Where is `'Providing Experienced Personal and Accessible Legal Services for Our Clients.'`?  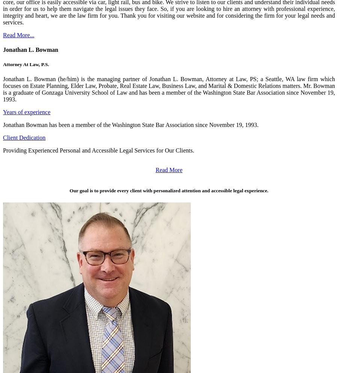
'Providing Experienced Personal and Accessible Legal Services for Our Clients.' is located at coordinates (98, 150).